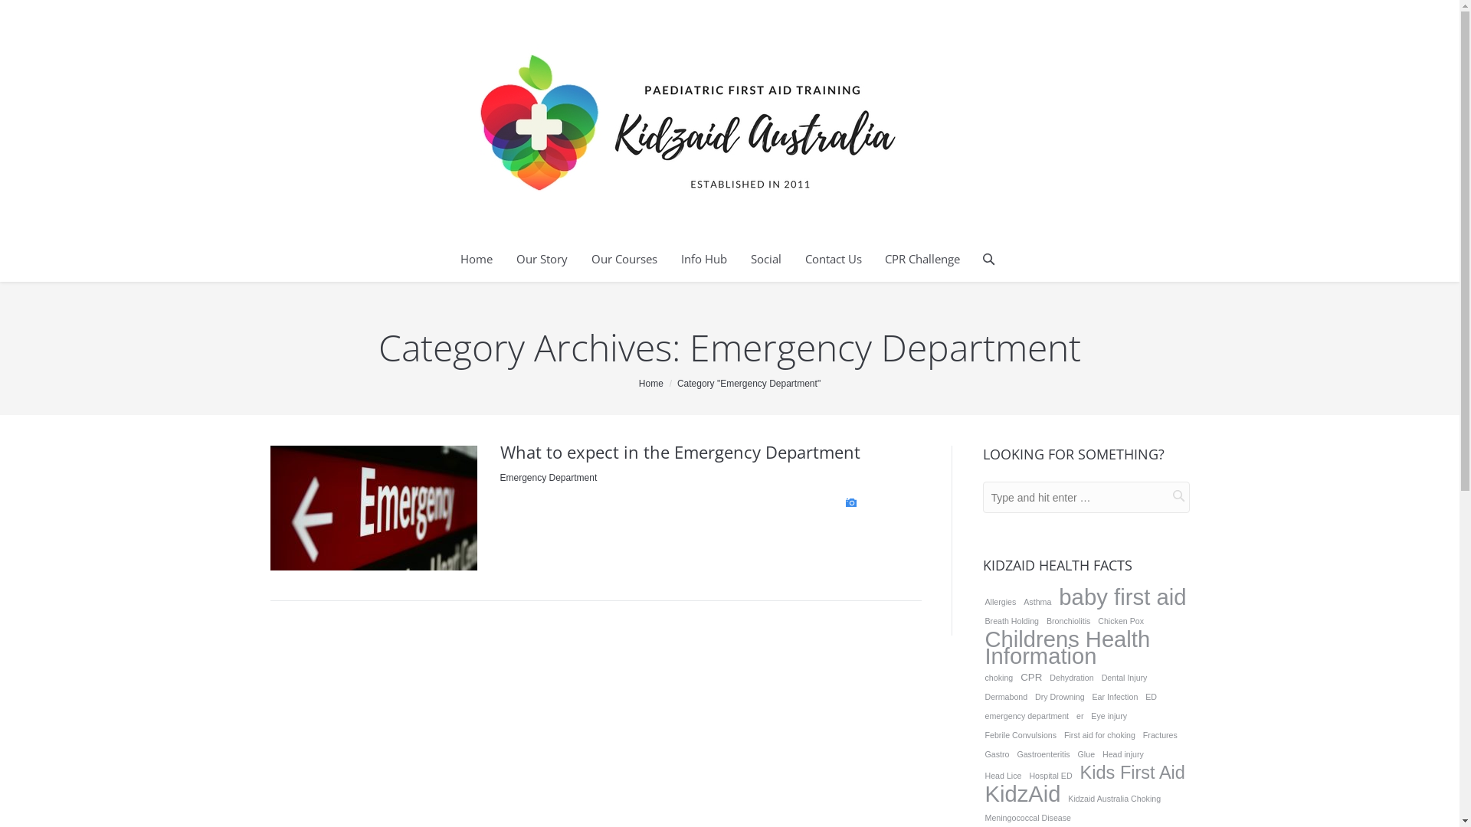 This screenshot has width=1471, height=827. What do you see at coordinates (1027, 817) in the screenshot?
I see `'Meningococcal Disease'` at bounding box center [1027, 817].